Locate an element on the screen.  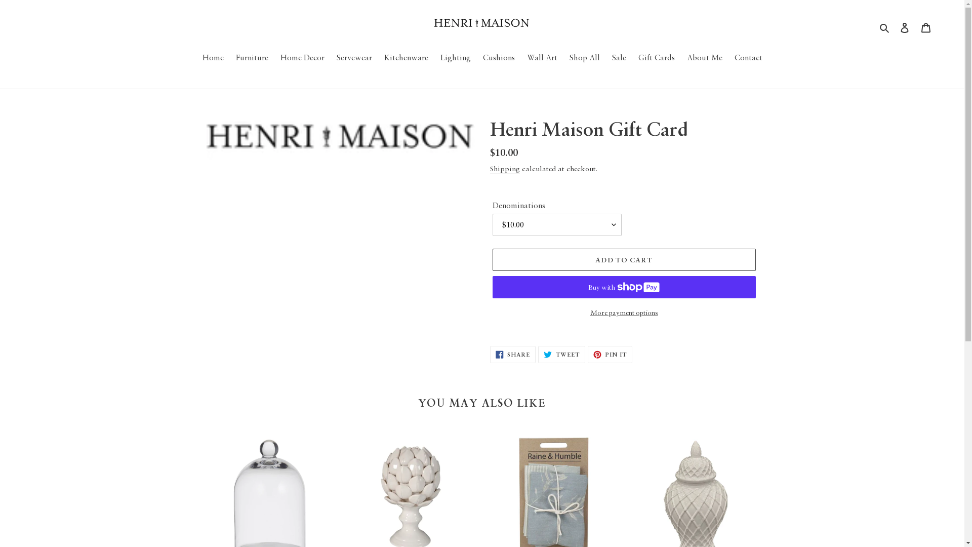
'Home' is located at coordinates (197, 58).